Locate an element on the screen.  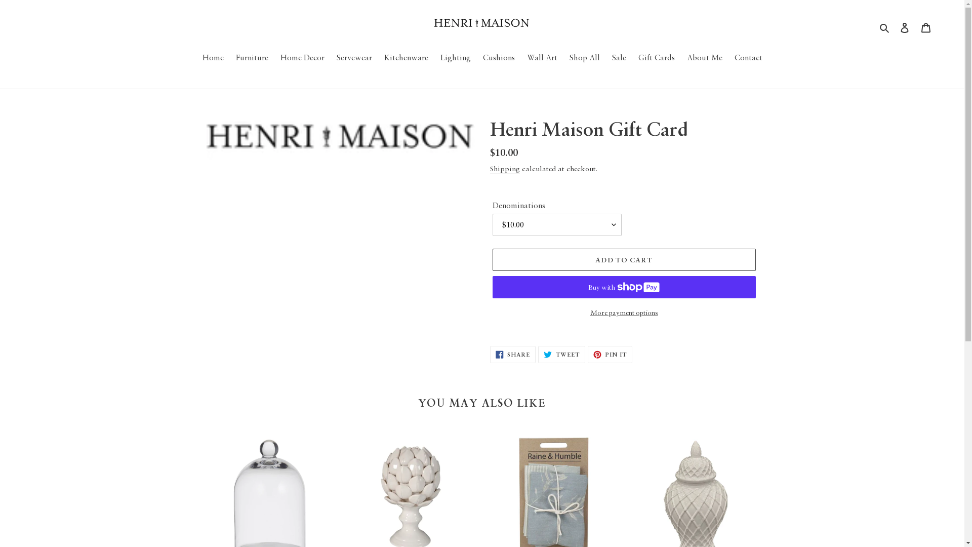
'Home' is located at coordinates (197, 58).